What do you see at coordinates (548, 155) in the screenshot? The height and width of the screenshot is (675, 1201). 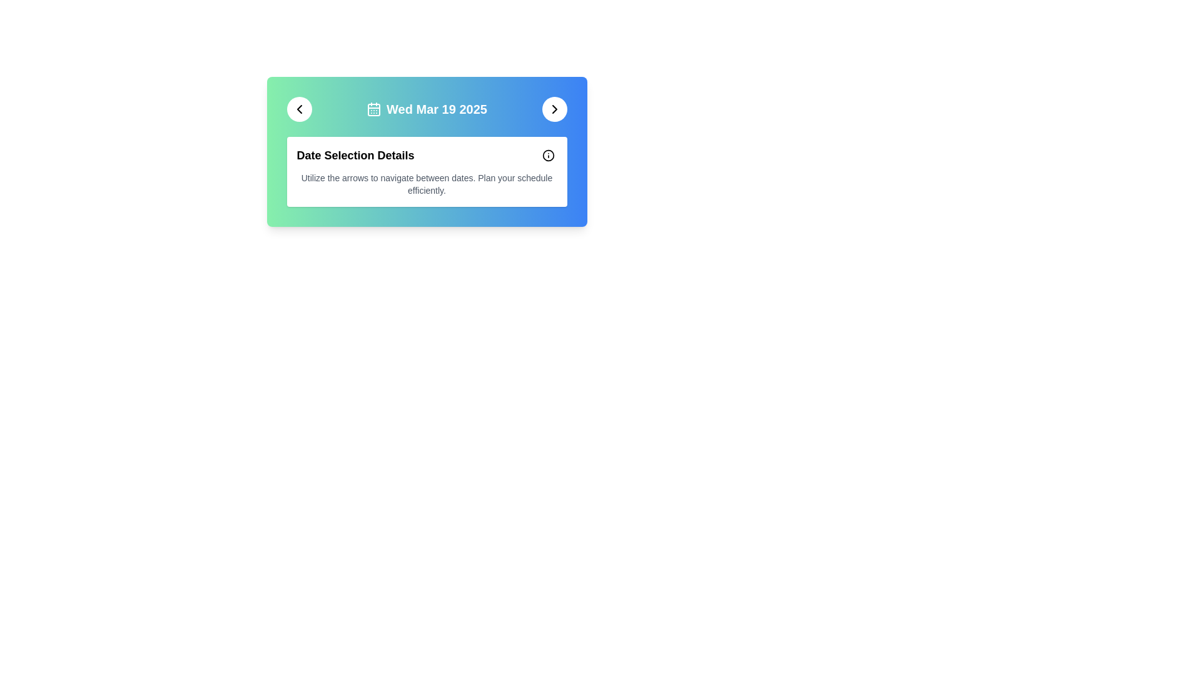 I see `the circular part of the 'info' icon located in the upper-right corner of the content box to invoke related actions` at bounding box center [548, 155].